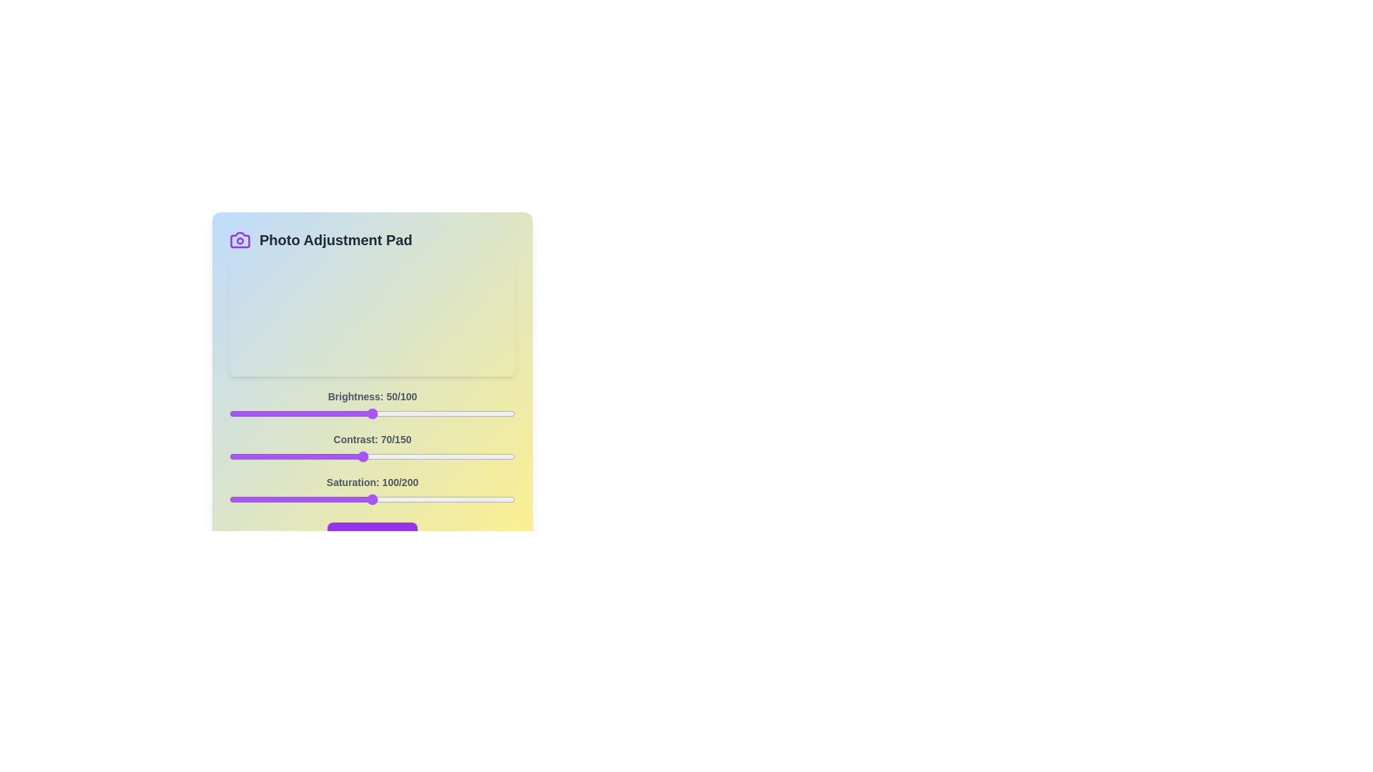 The image size is (1373, 772). I want to click on the 1 slider to 135, so click(487, 457).